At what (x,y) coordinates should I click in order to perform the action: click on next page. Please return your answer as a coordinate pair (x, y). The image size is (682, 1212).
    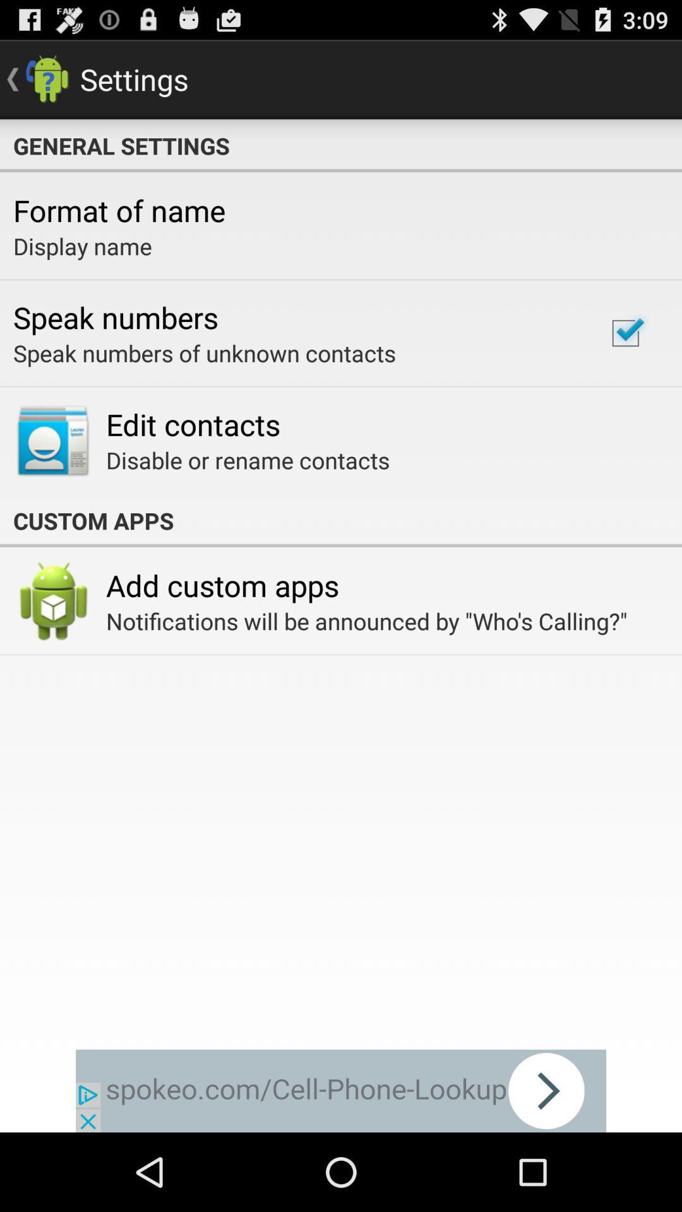
    Looking at the image, I should click on (341, 1090).